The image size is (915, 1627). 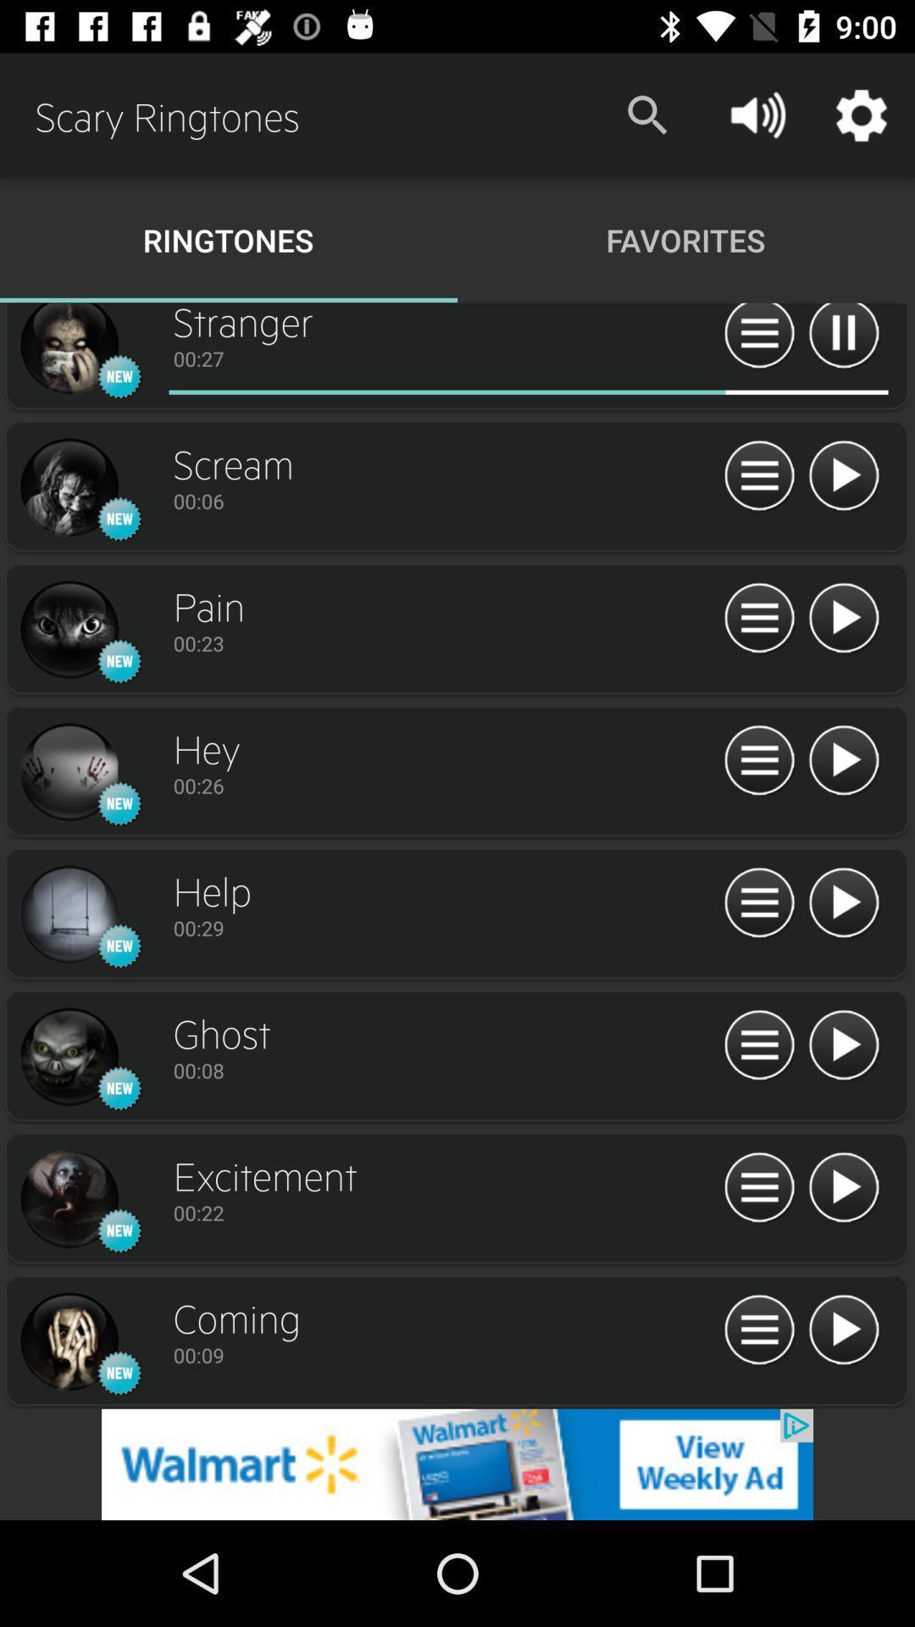 I want to click on options, so click(x=758, y=1187).